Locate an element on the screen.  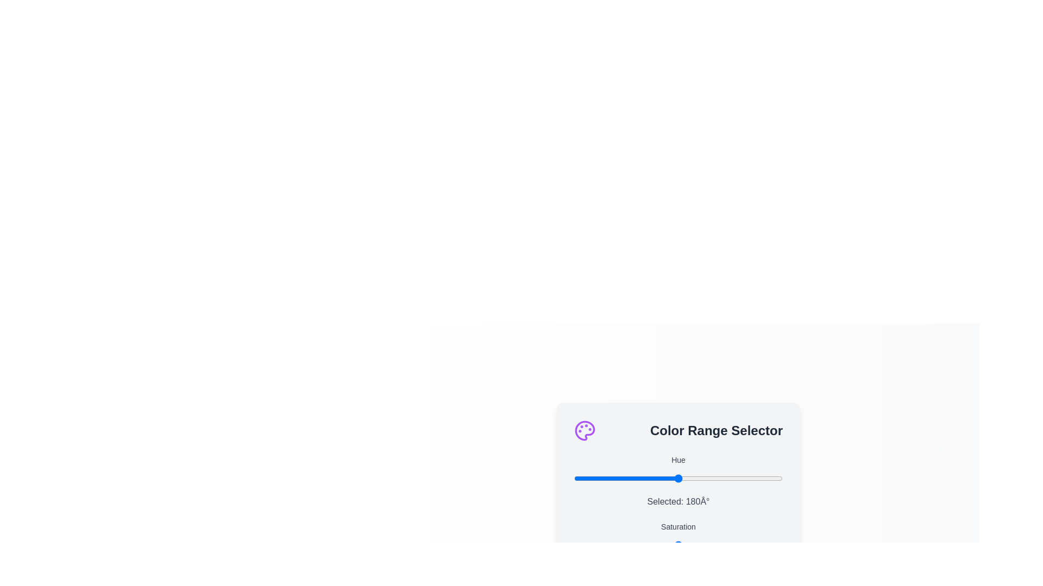
the hue value on the slider is located at coordinates (610, 477).